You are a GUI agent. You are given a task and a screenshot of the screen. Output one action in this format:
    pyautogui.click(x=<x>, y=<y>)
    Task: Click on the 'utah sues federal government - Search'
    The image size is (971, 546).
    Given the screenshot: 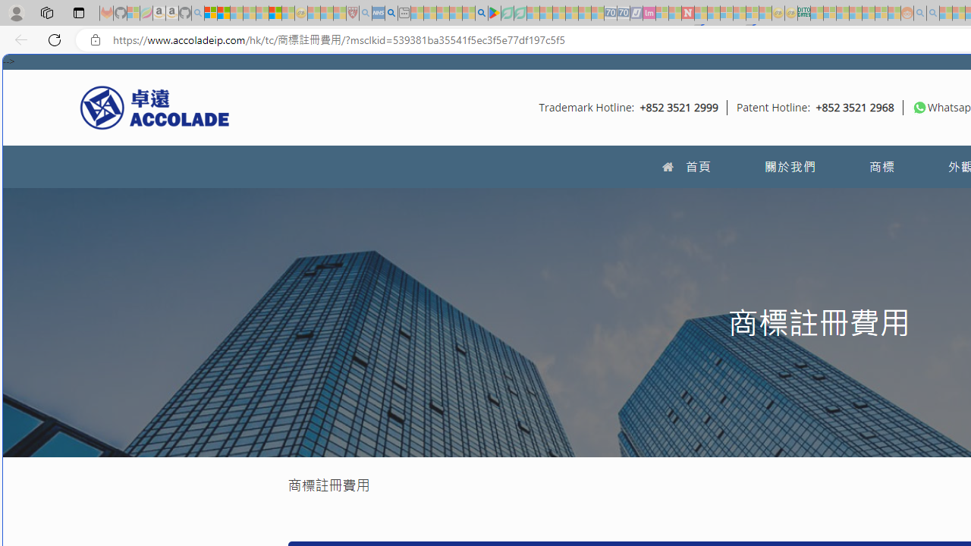 What is the action you would take?
    pyautogui.click(x=391, y=13)
    